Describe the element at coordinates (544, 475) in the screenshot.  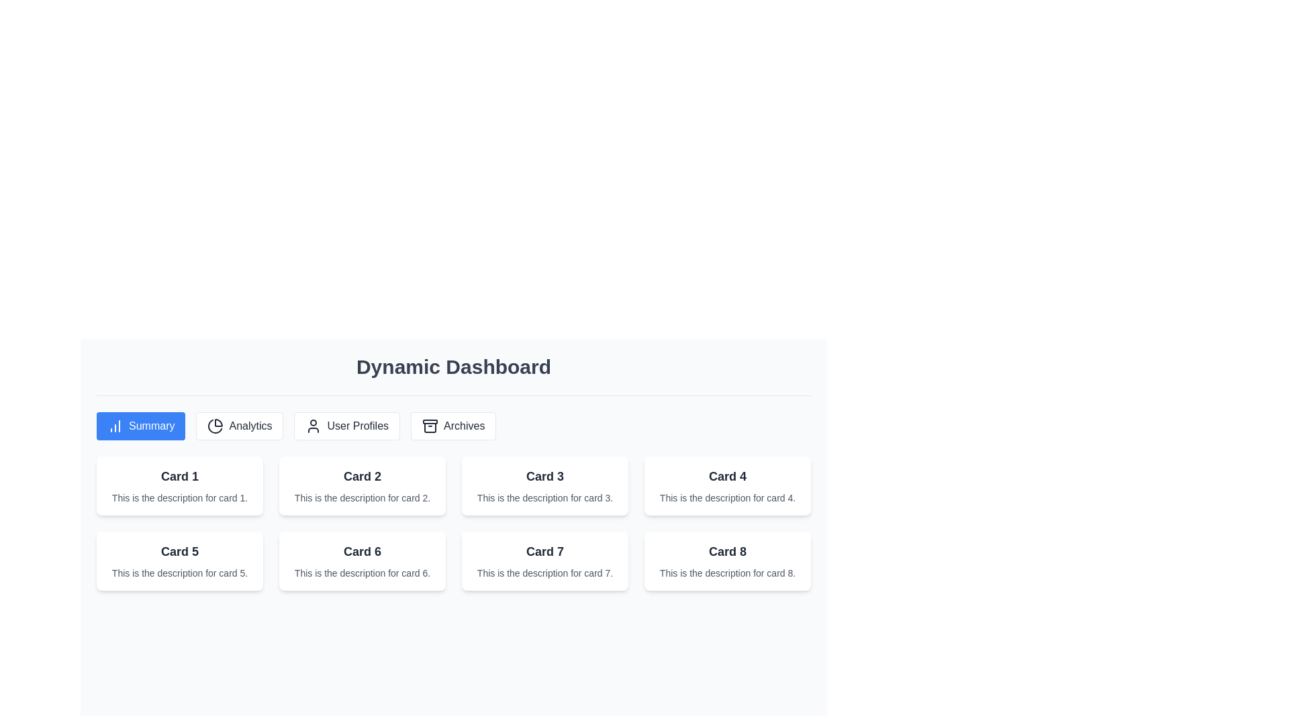
I see `text of the bold label displaying 'Card 3', located in the first row and third column of the grid layout` at that location.